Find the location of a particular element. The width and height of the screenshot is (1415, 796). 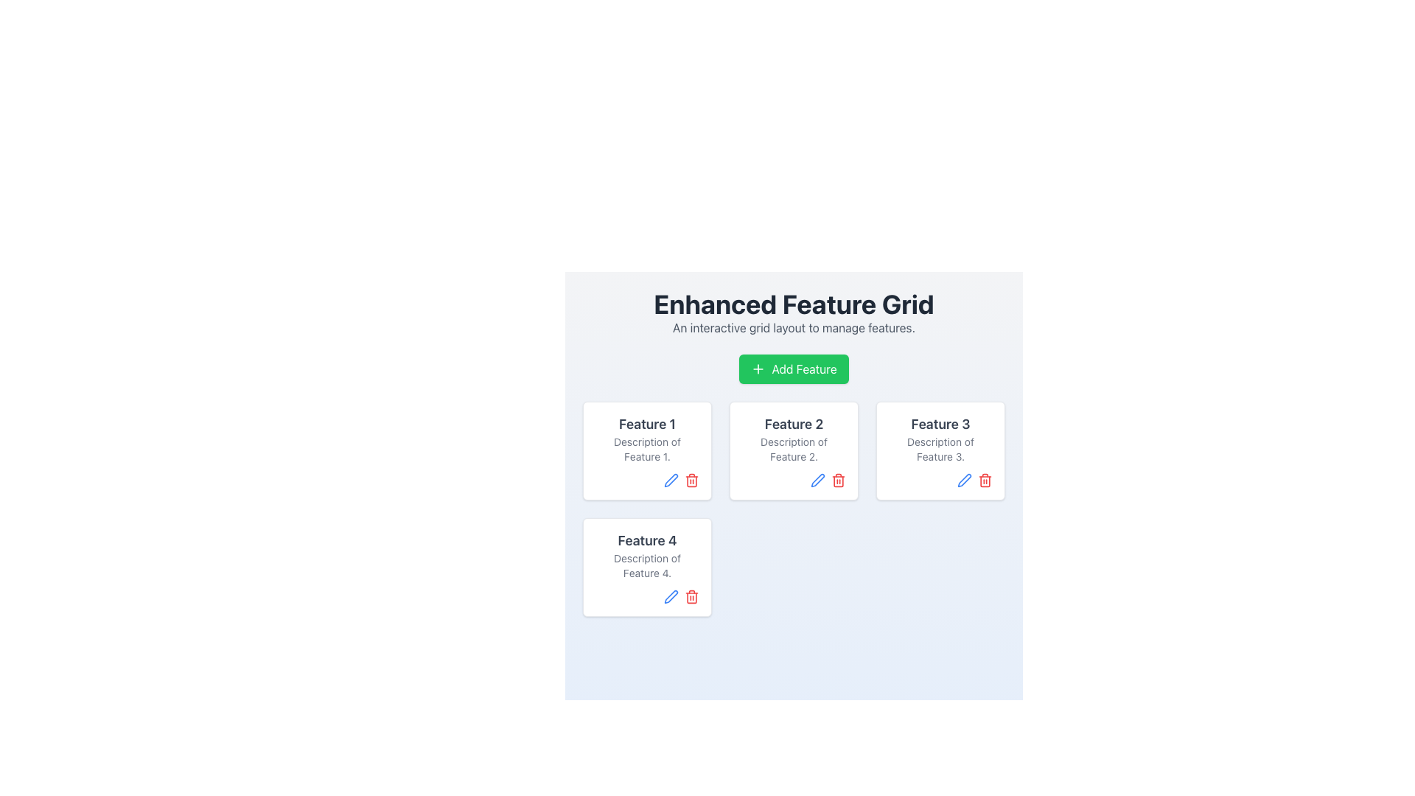

text content of the text label displaying 'Feature 1' in bold dark gray within the feature card is located at coordinates (647, 424).